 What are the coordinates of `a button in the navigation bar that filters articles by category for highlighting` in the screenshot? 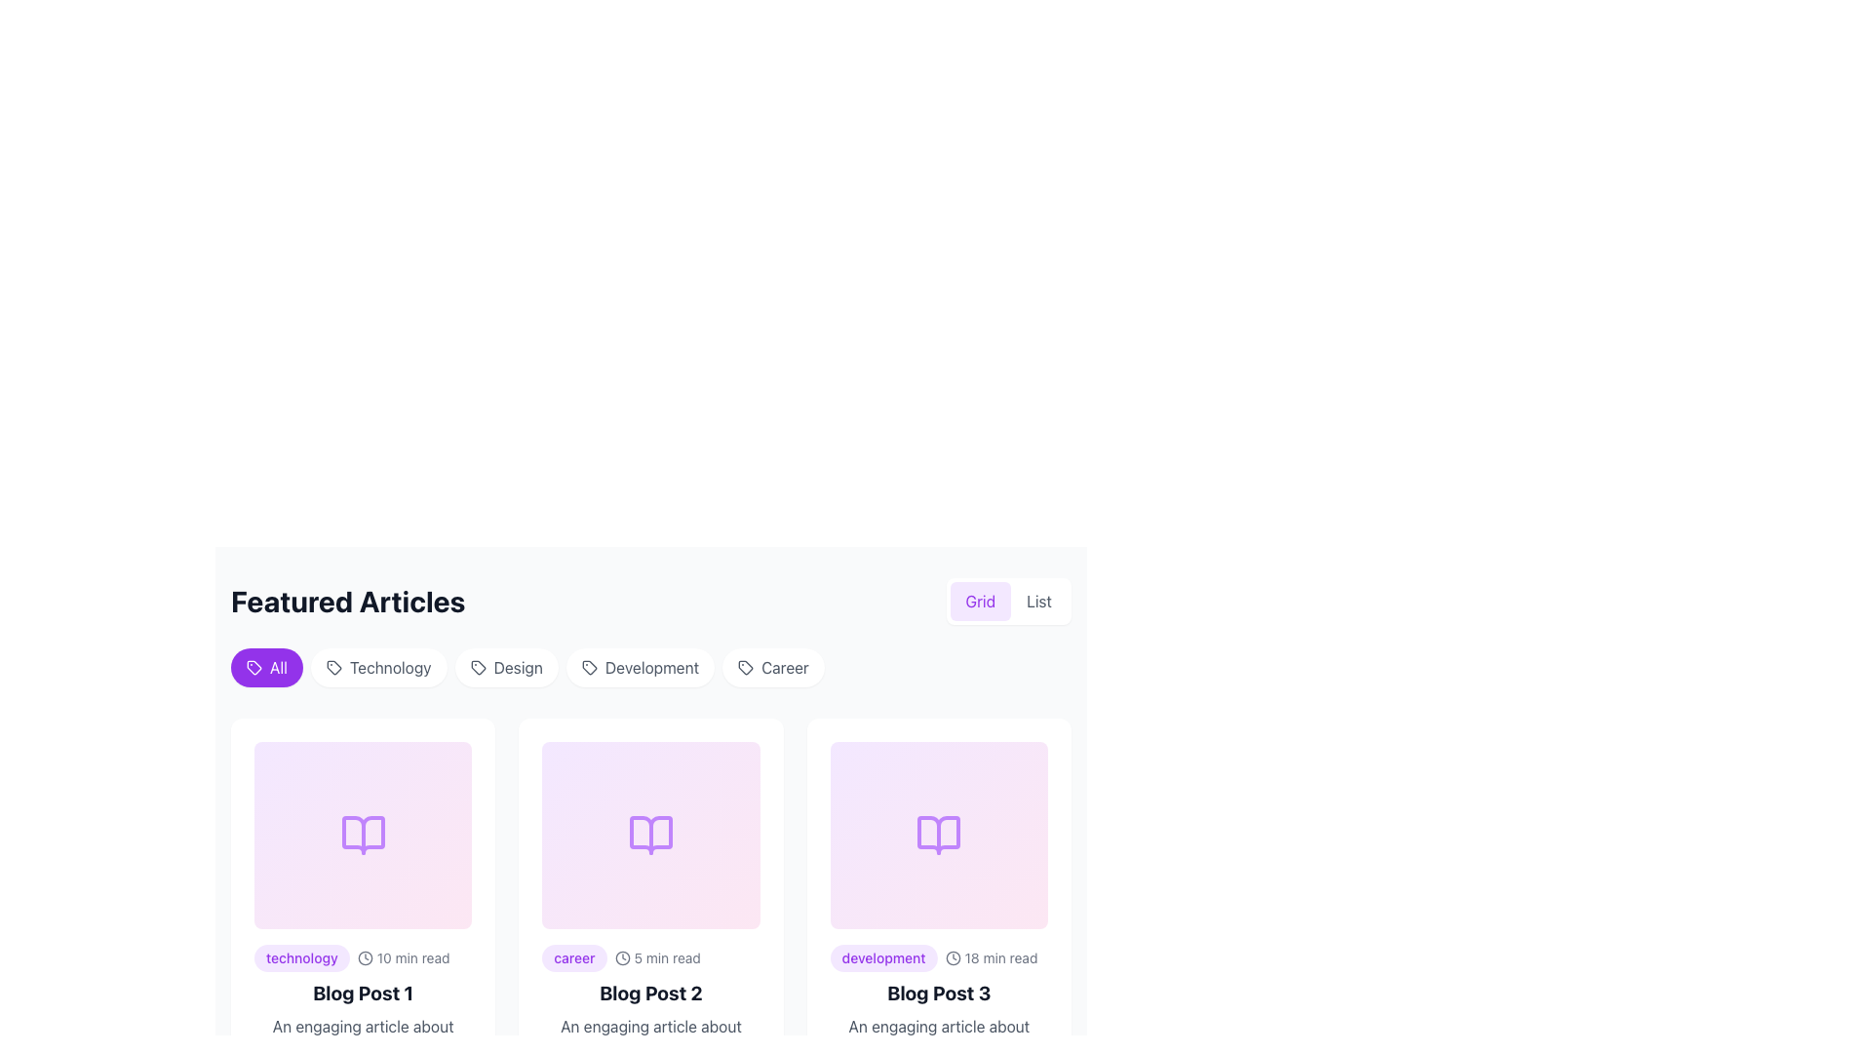 It's located at (650, 671).